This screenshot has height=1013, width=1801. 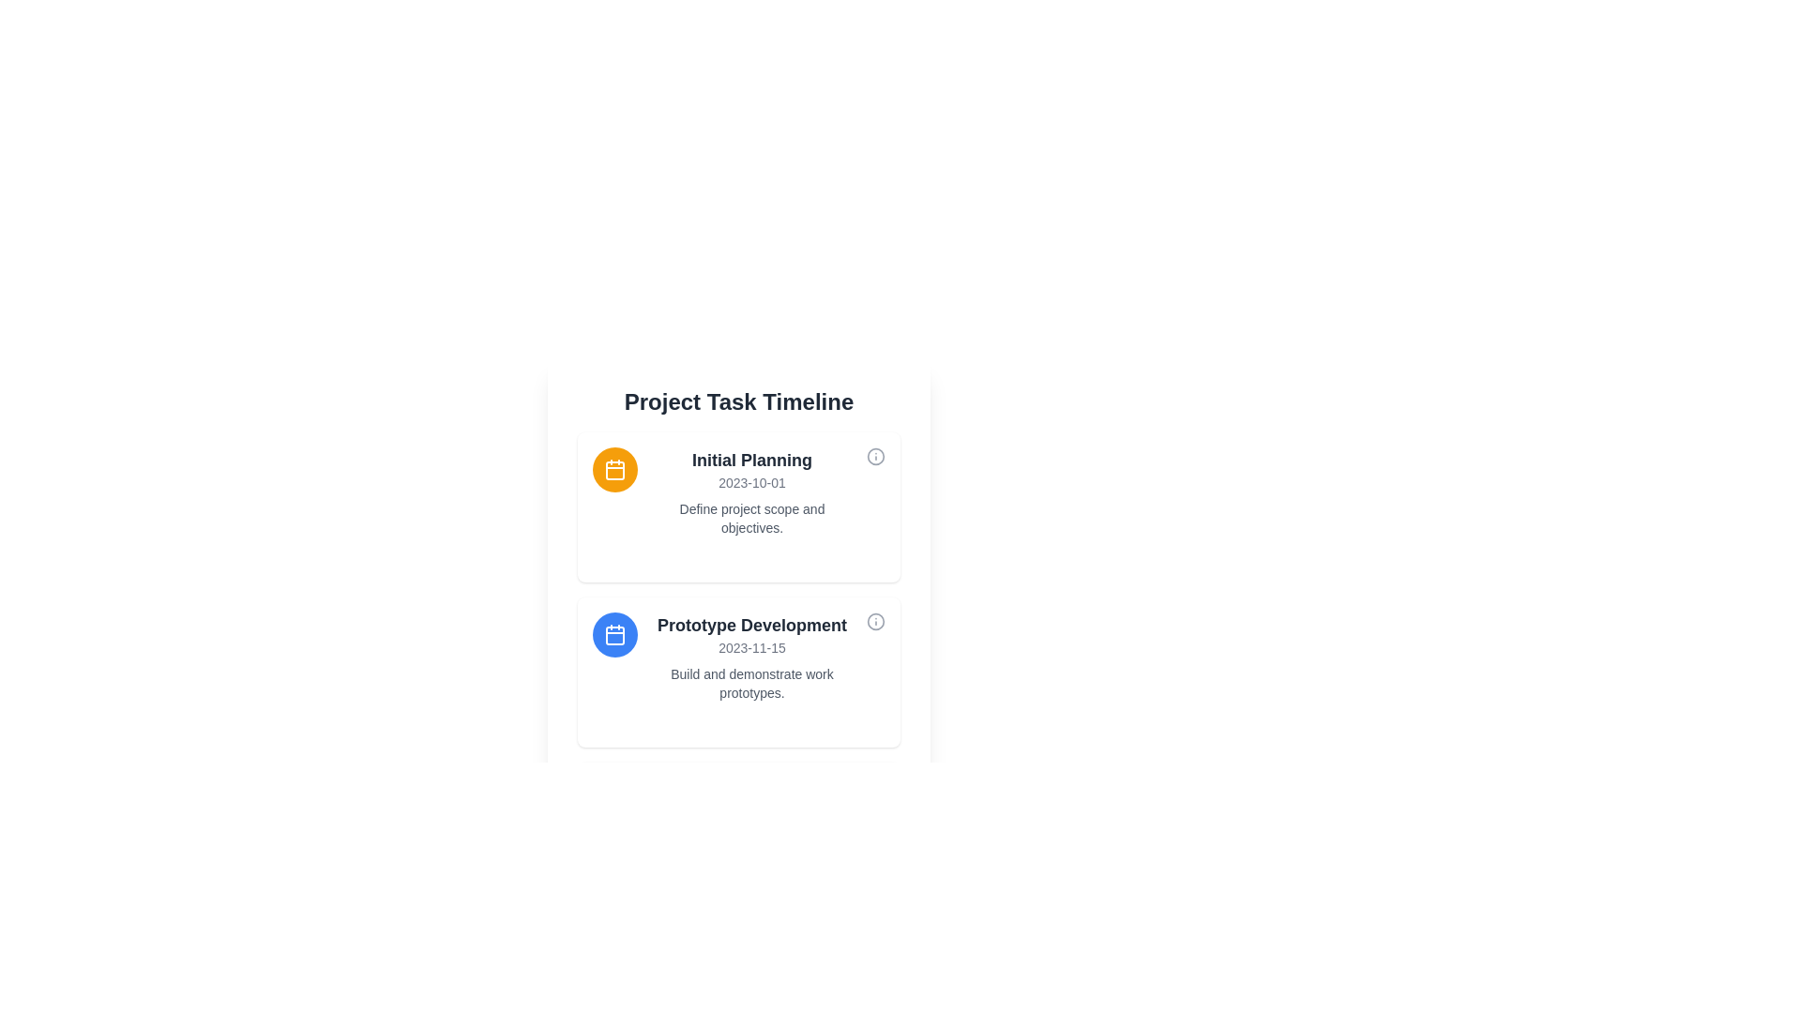 I want to click on the 'Pending' status badge located under the task 'Initial Planning' in the 'Project Task Timeline' section, so click(x=751, y=555).